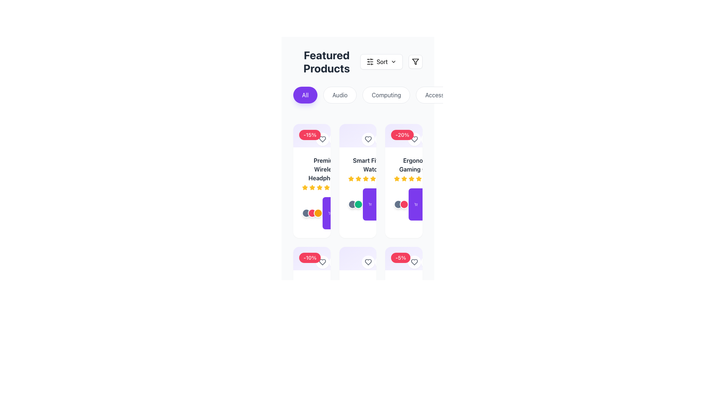  What do you see at coordinates (397, 178) in the screenshot?
I see `the second yellow star icon in the rating section of the product card, which is located beneath the product name and above the product description` at bounding box center [397, 178].